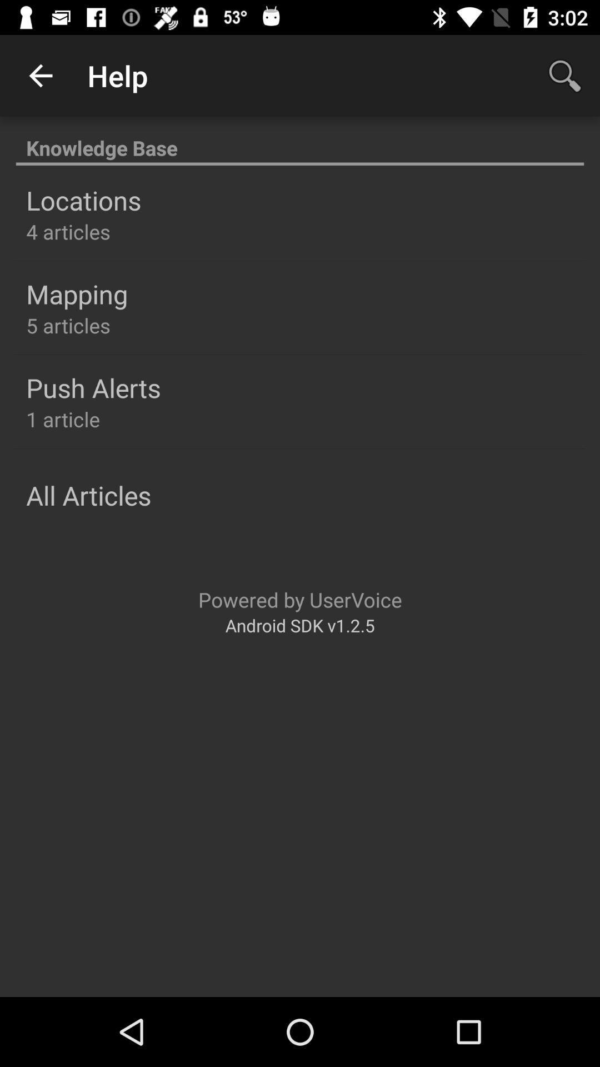 The width and height of the screenshot is (600, 1067). Describe the element at coordinates (40, 75) in the screenshot. I see `the app to the left of the help icon` at that location.